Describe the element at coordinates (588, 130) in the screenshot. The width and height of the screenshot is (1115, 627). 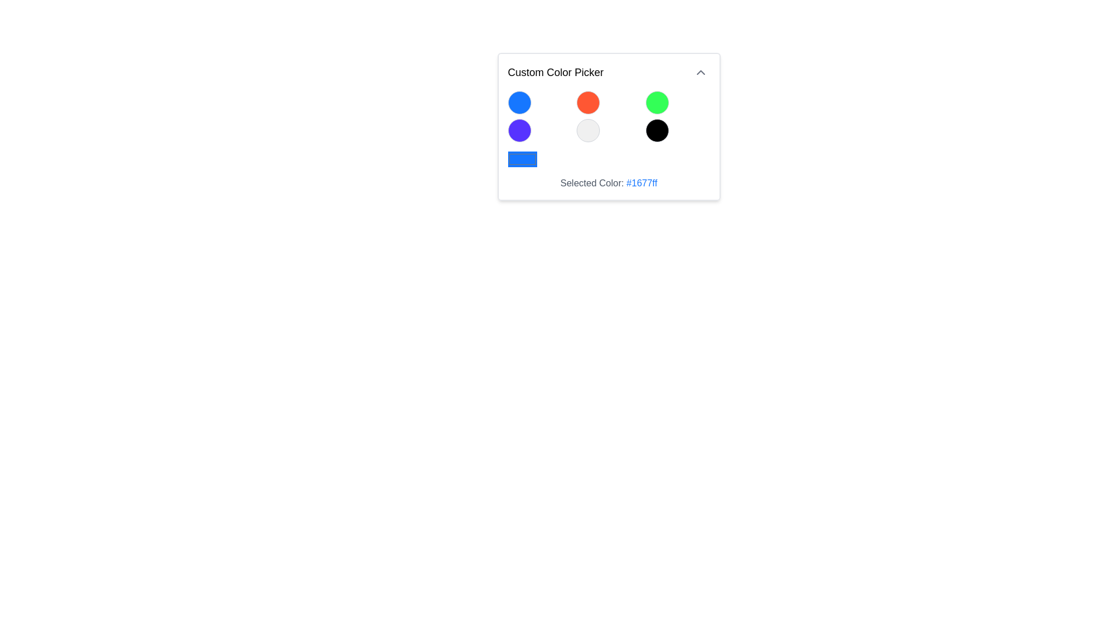
I see `the Interactive Color Selection Circle located in the second row and middle column of the grid layout` at that location.